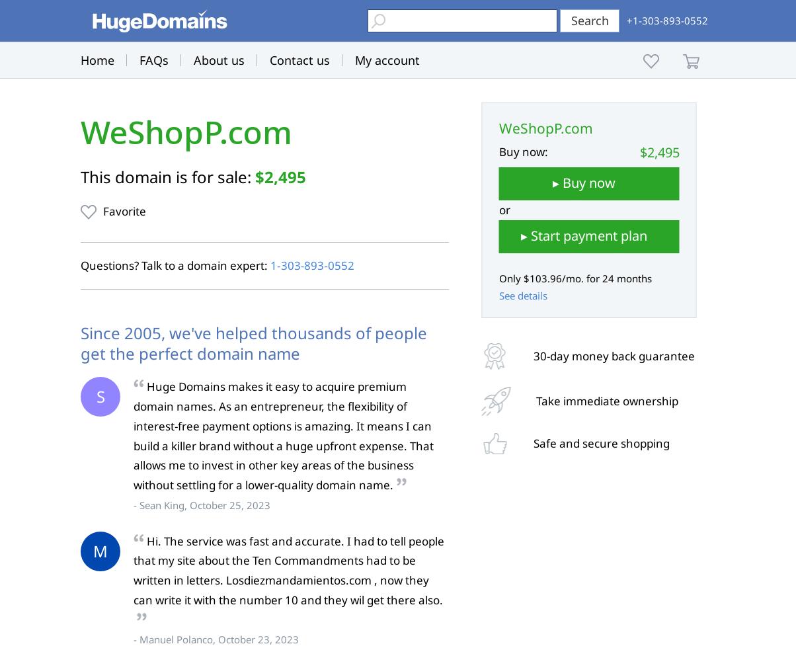  I want to click on 'My account', so click(387, 60).